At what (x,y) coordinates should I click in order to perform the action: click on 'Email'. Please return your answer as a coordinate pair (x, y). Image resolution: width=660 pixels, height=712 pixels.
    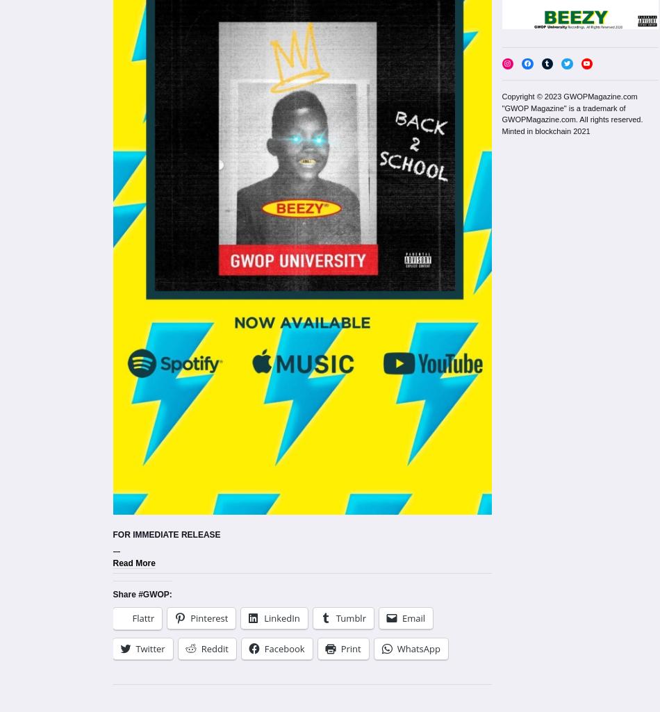
    Looking at the image, I should click on (413, 618).